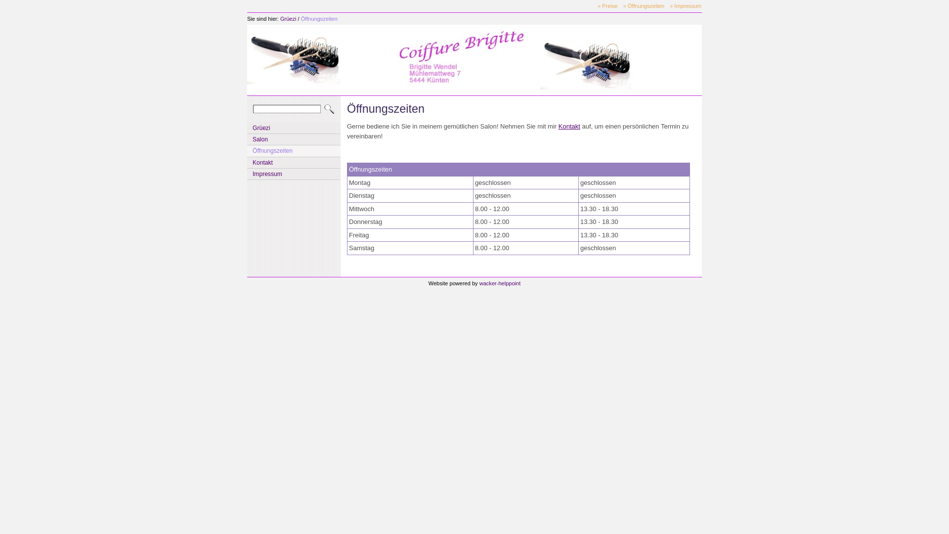  I want to click on 'coiffure brigitte', so click(293, 59).